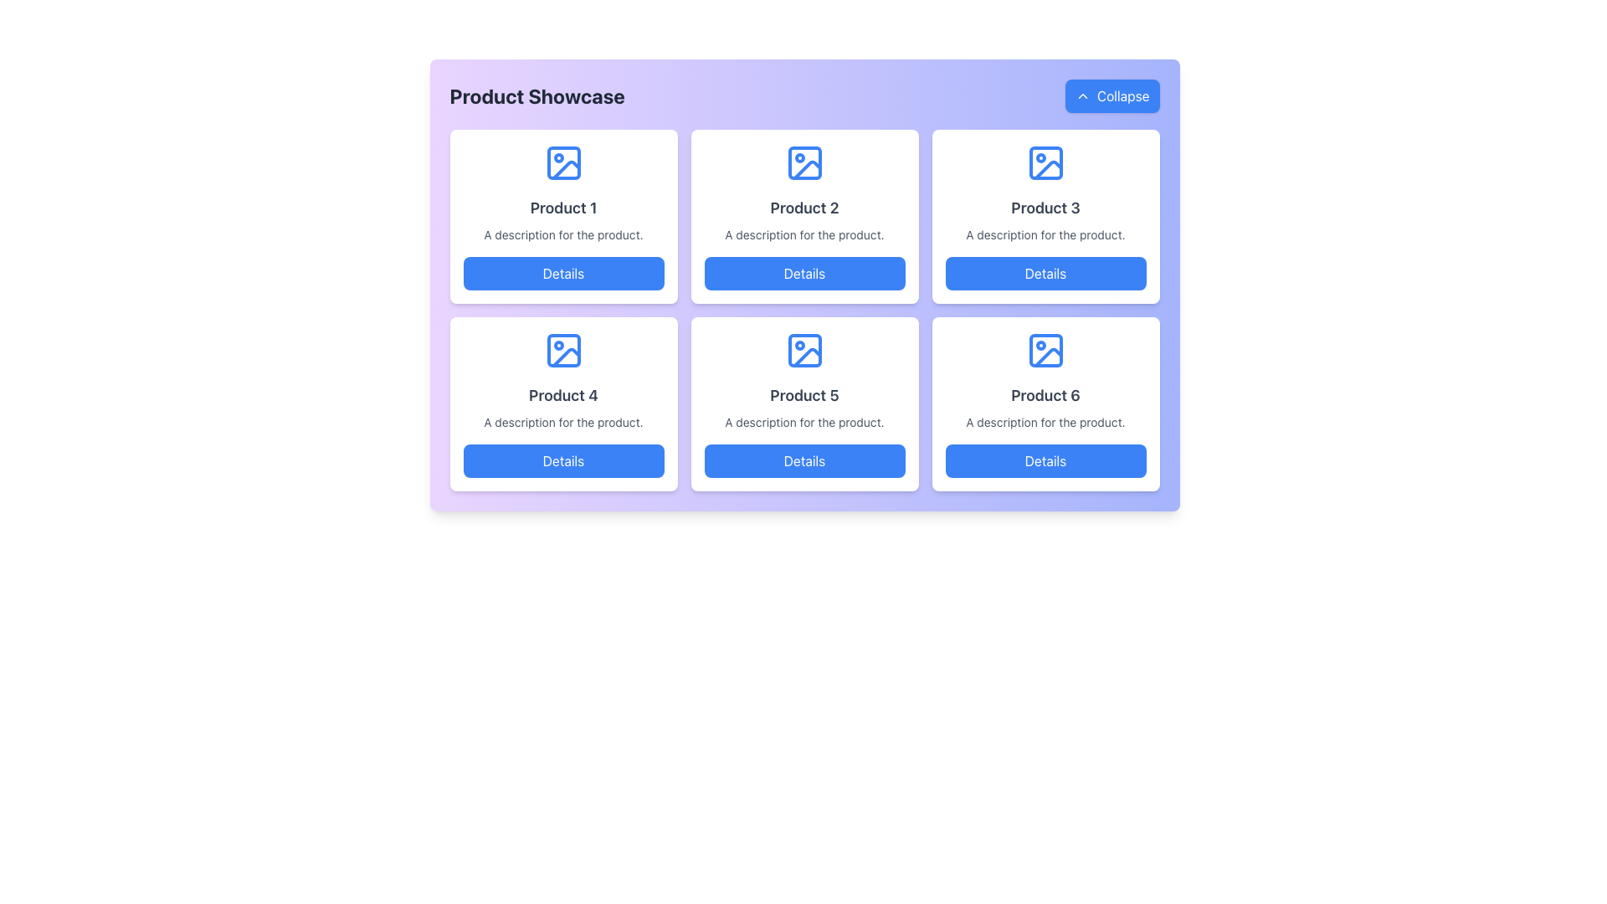 The image size is (1607, 904). What do you see at coordinates (1045, 350) in the screenshot?
I see `the product icon representing 'Product 6', located in the bottom-right area of the product grid` at bounding box center [1045, 350].